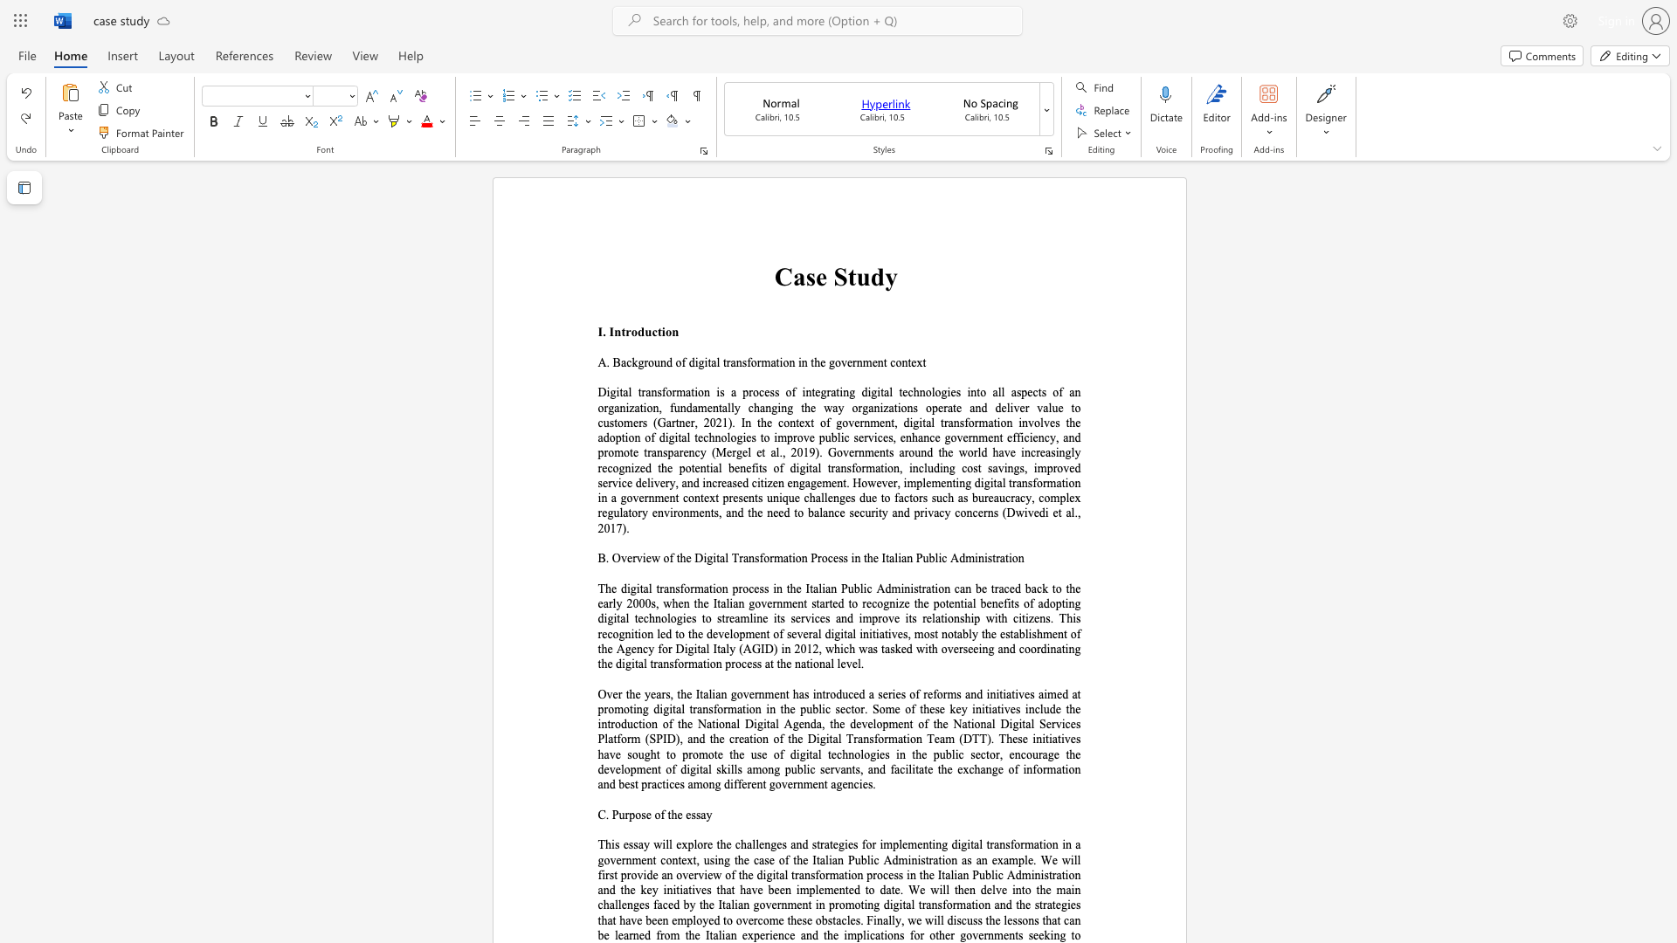 This screenshot has width=1677, height=943. What do you see at coordinates (626, 815) in the screenshot?
I see `the 1th character "r" in the text` at bounding box center [626, 815].